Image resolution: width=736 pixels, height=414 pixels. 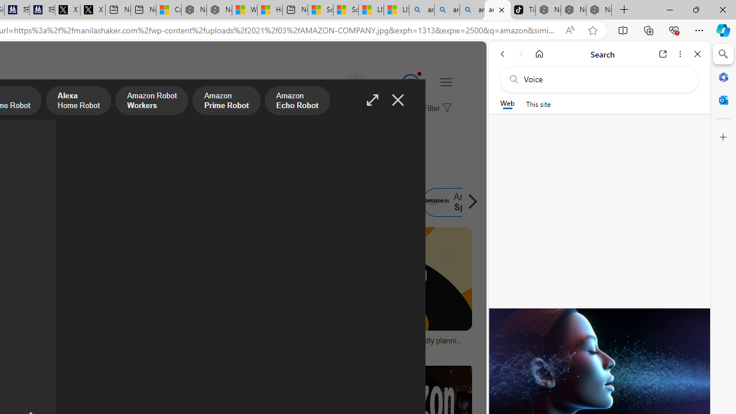 I want to click on 'Amazon Spain', so click(x=436, y=202).